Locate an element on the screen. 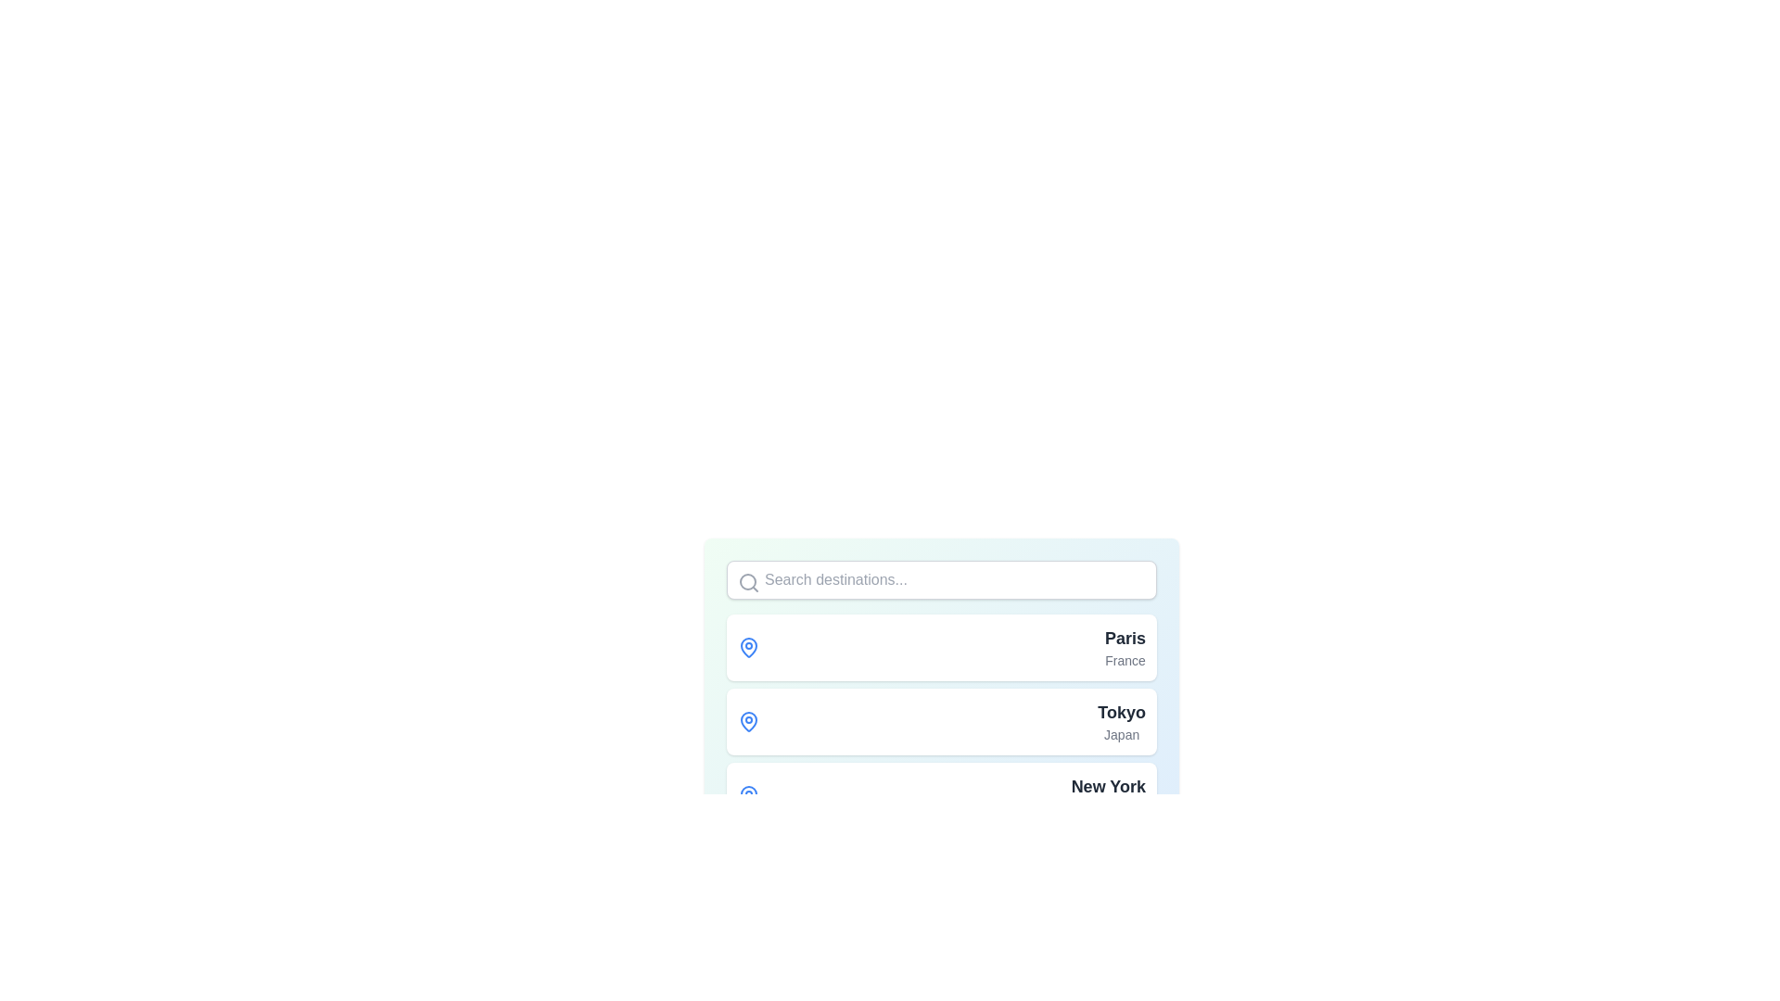 This screenshot has width=1780, height=1001. the location pin icon representing 'New York' in the list of cities, indicating it is an interactive element is located at coordinates (748, 793).